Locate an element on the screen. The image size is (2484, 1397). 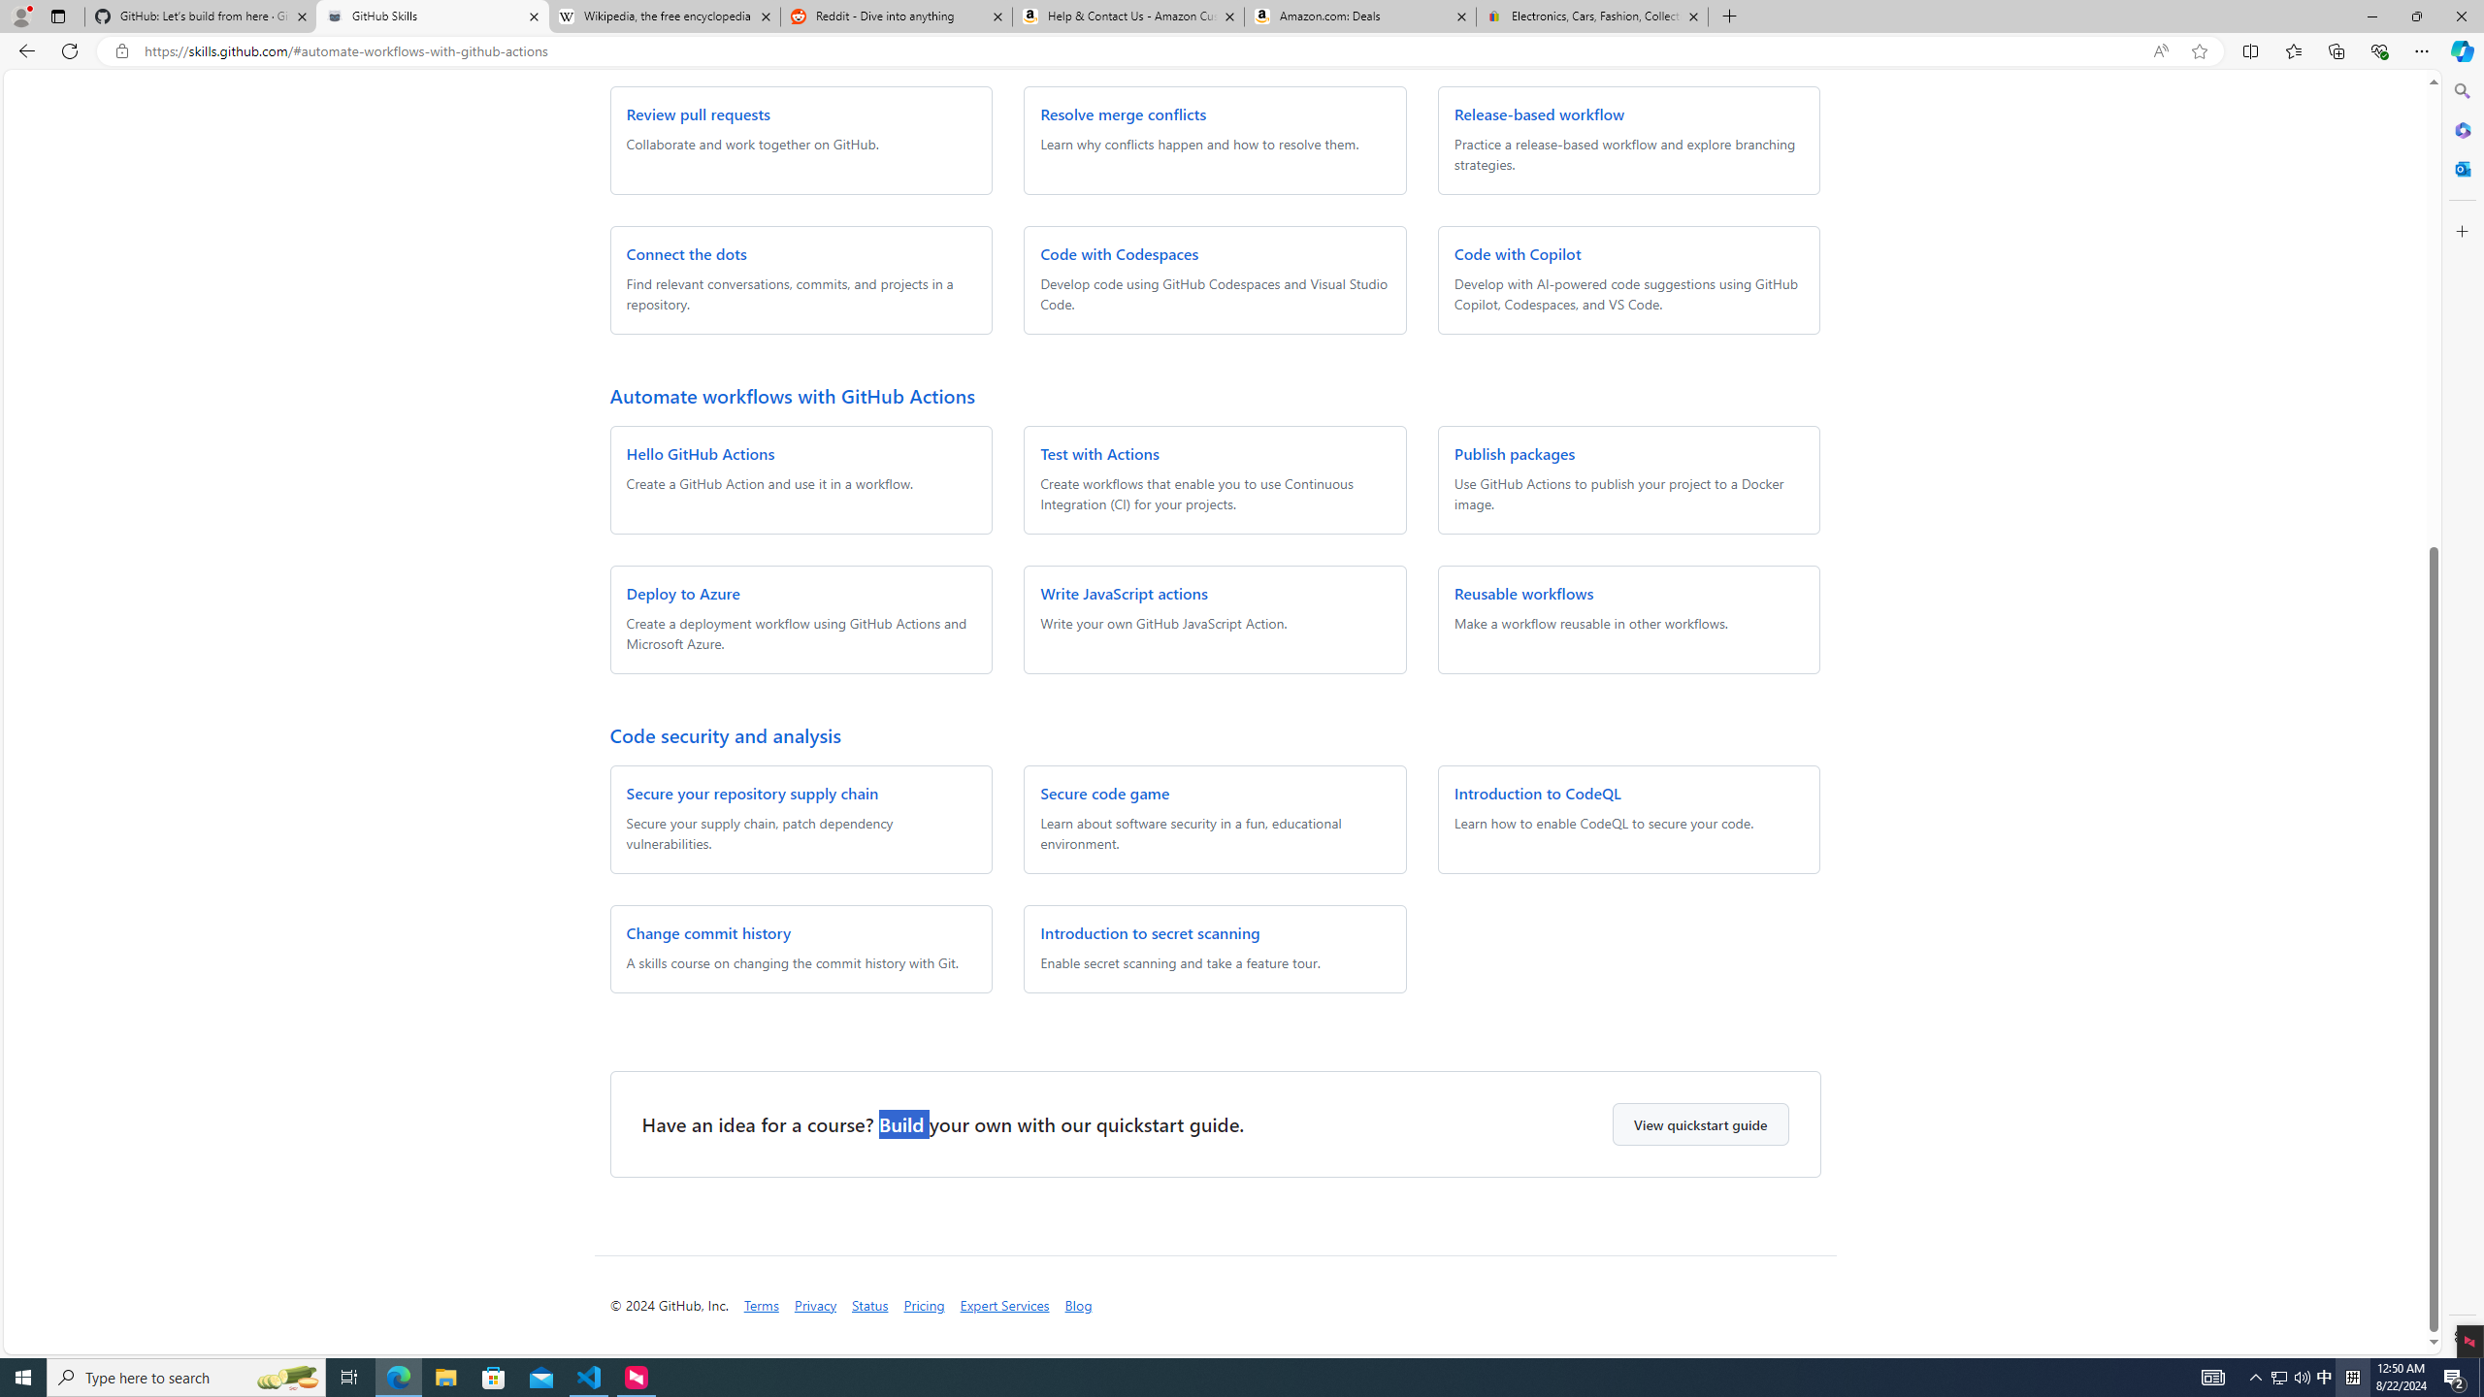
'Automate workflows with GitHub Actions' is located at coordinates (791, 394).